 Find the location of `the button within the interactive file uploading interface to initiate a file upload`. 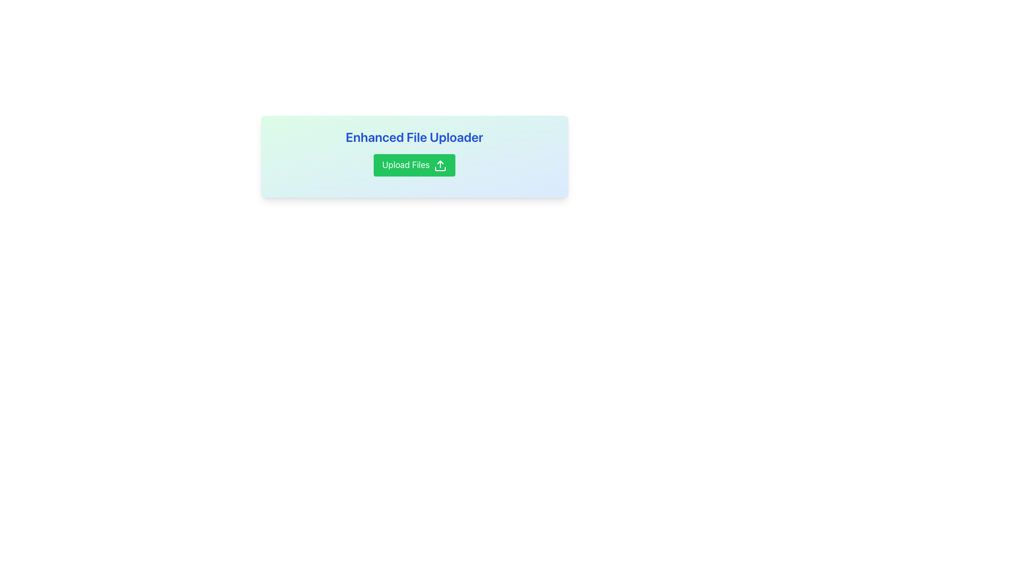

the button within the interactive file uploading interface to initiate a file upload is located at coordinates (414, 156).